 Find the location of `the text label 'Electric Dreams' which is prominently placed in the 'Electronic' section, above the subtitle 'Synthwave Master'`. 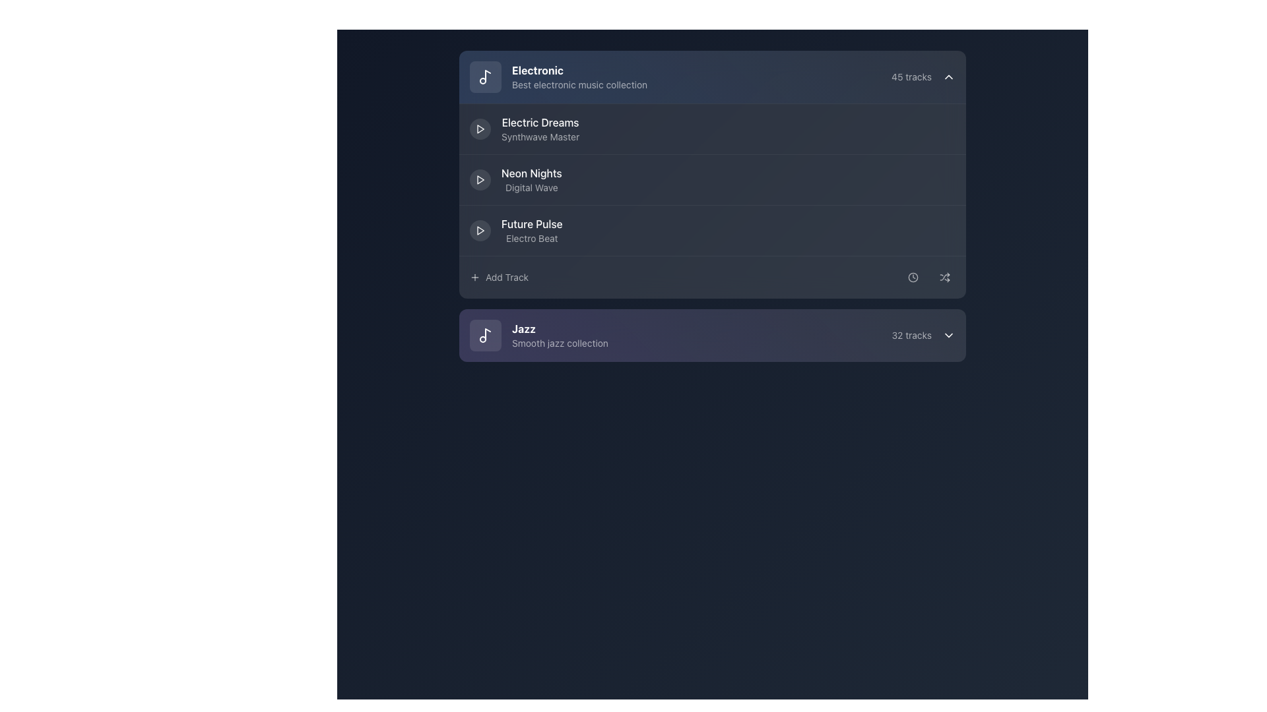

the text label 'Electric Dreams' which is prominently placed in the 'Electronic' section, above the subtitle 'Synthwave Master' is located at coordinates (540, 122).